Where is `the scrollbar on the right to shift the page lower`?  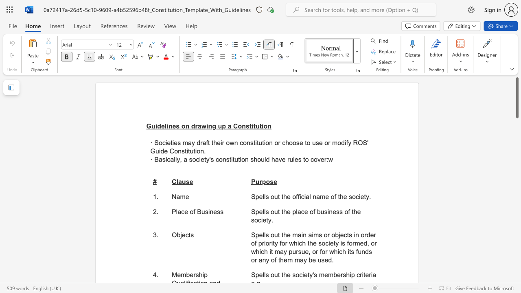 the scrollbar on the right to shift the page lower is located at coordinates (517, 239).